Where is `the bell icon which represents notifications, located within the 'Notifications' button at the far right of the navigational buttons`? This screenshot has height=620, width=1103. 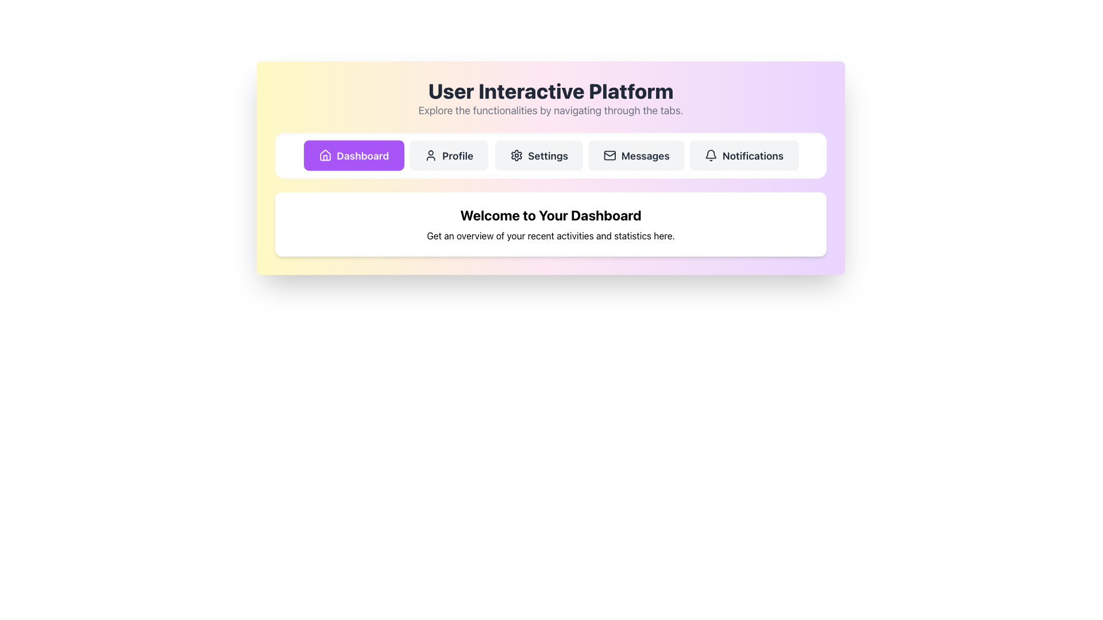 the bell icon which represents notifications, located within the 'Notifications' button at the far right of the navigational buttons is located at coordinates (710, 155).